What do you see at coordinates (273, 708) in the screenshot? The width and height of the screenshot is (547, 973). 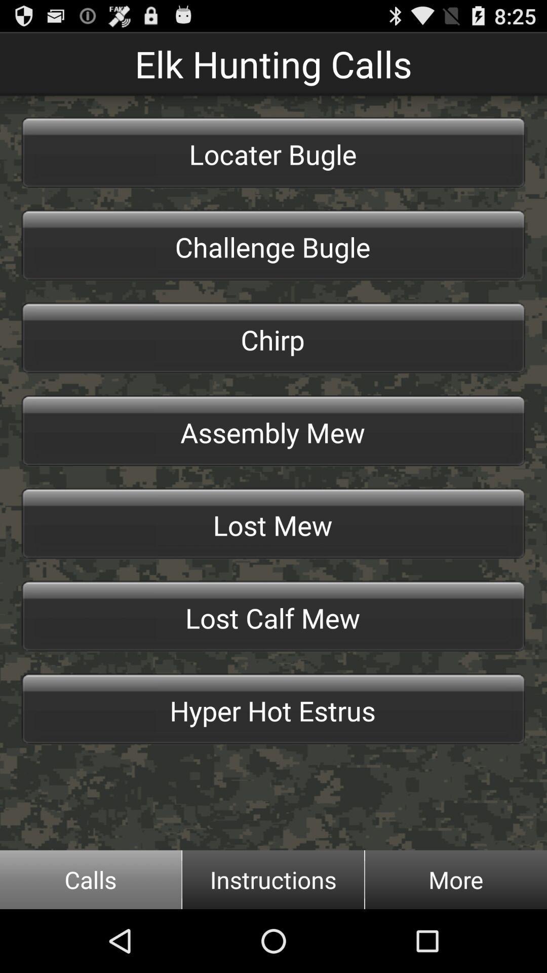 I see `app above the calls item` at bounding box center [273, 708].